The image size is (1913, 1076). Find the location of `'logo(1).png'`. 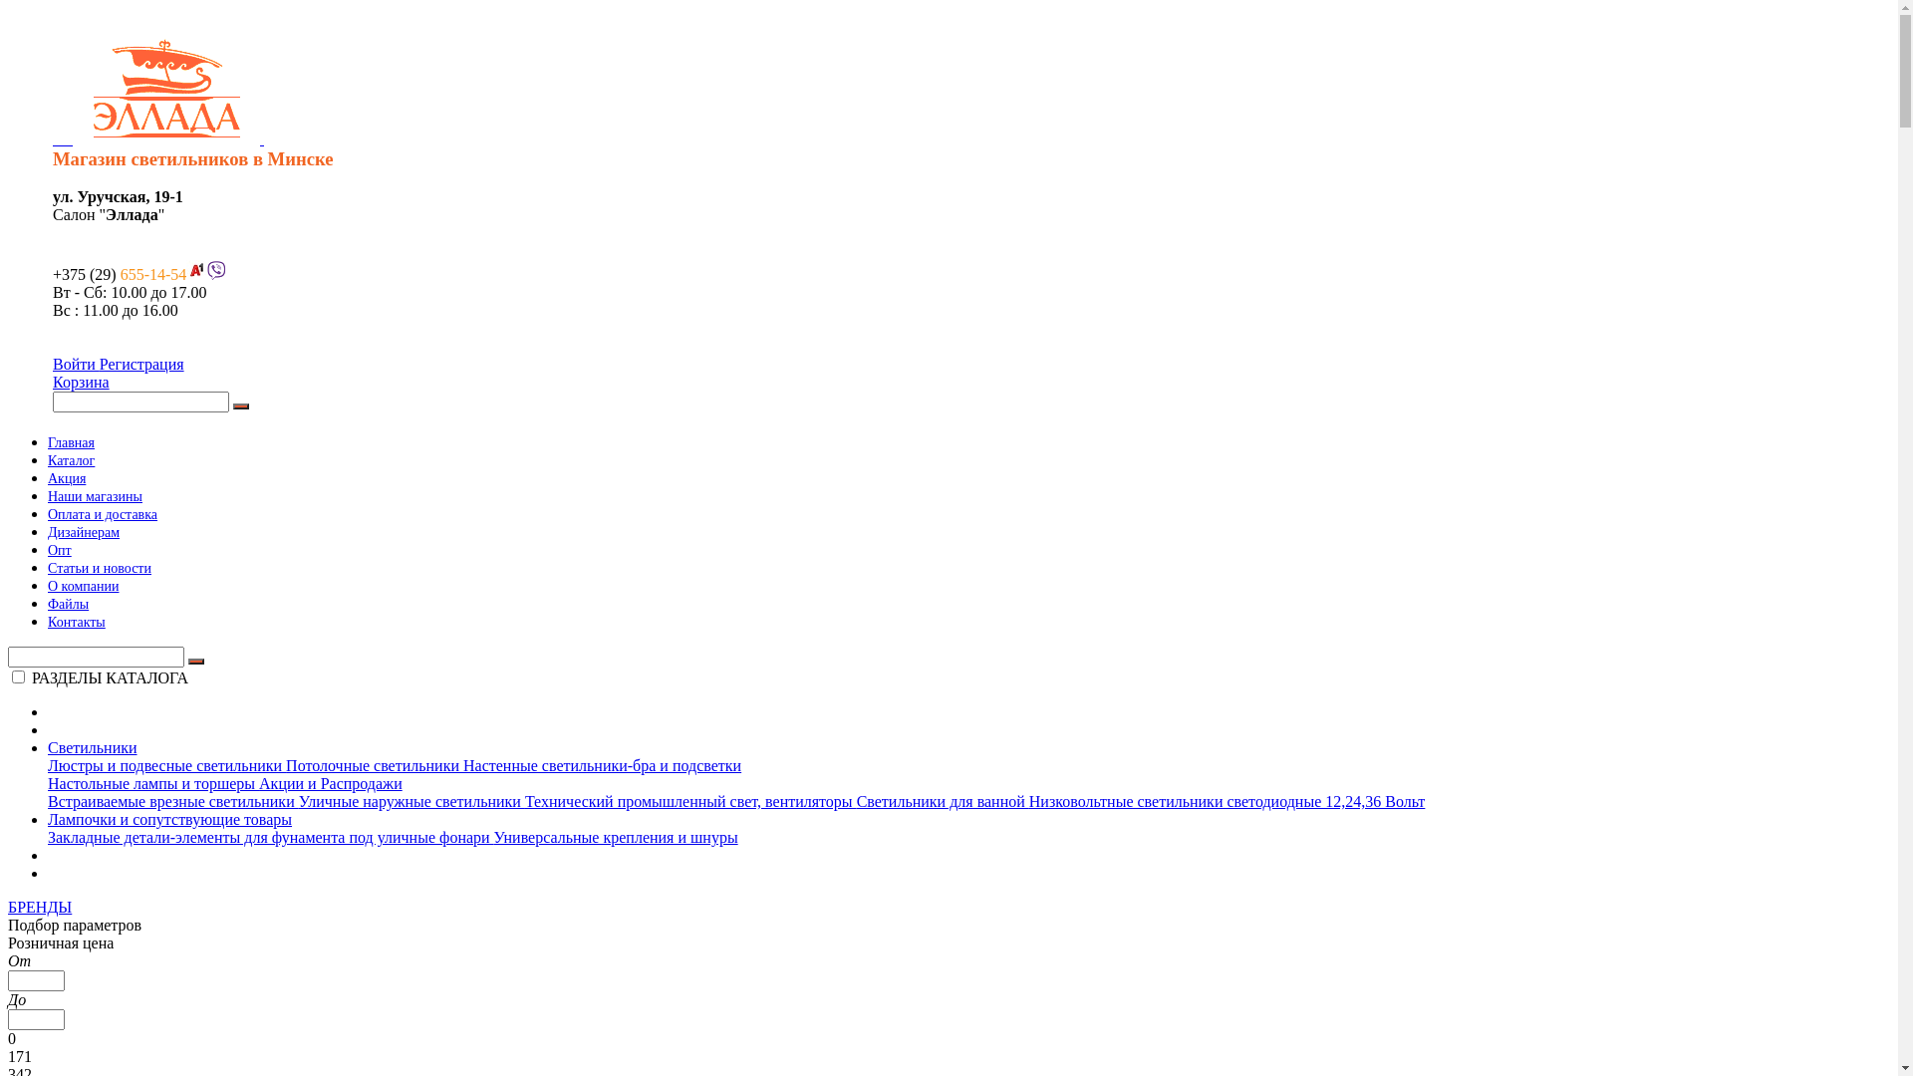

'logo(1).png' is located at coordinates (166, 87).